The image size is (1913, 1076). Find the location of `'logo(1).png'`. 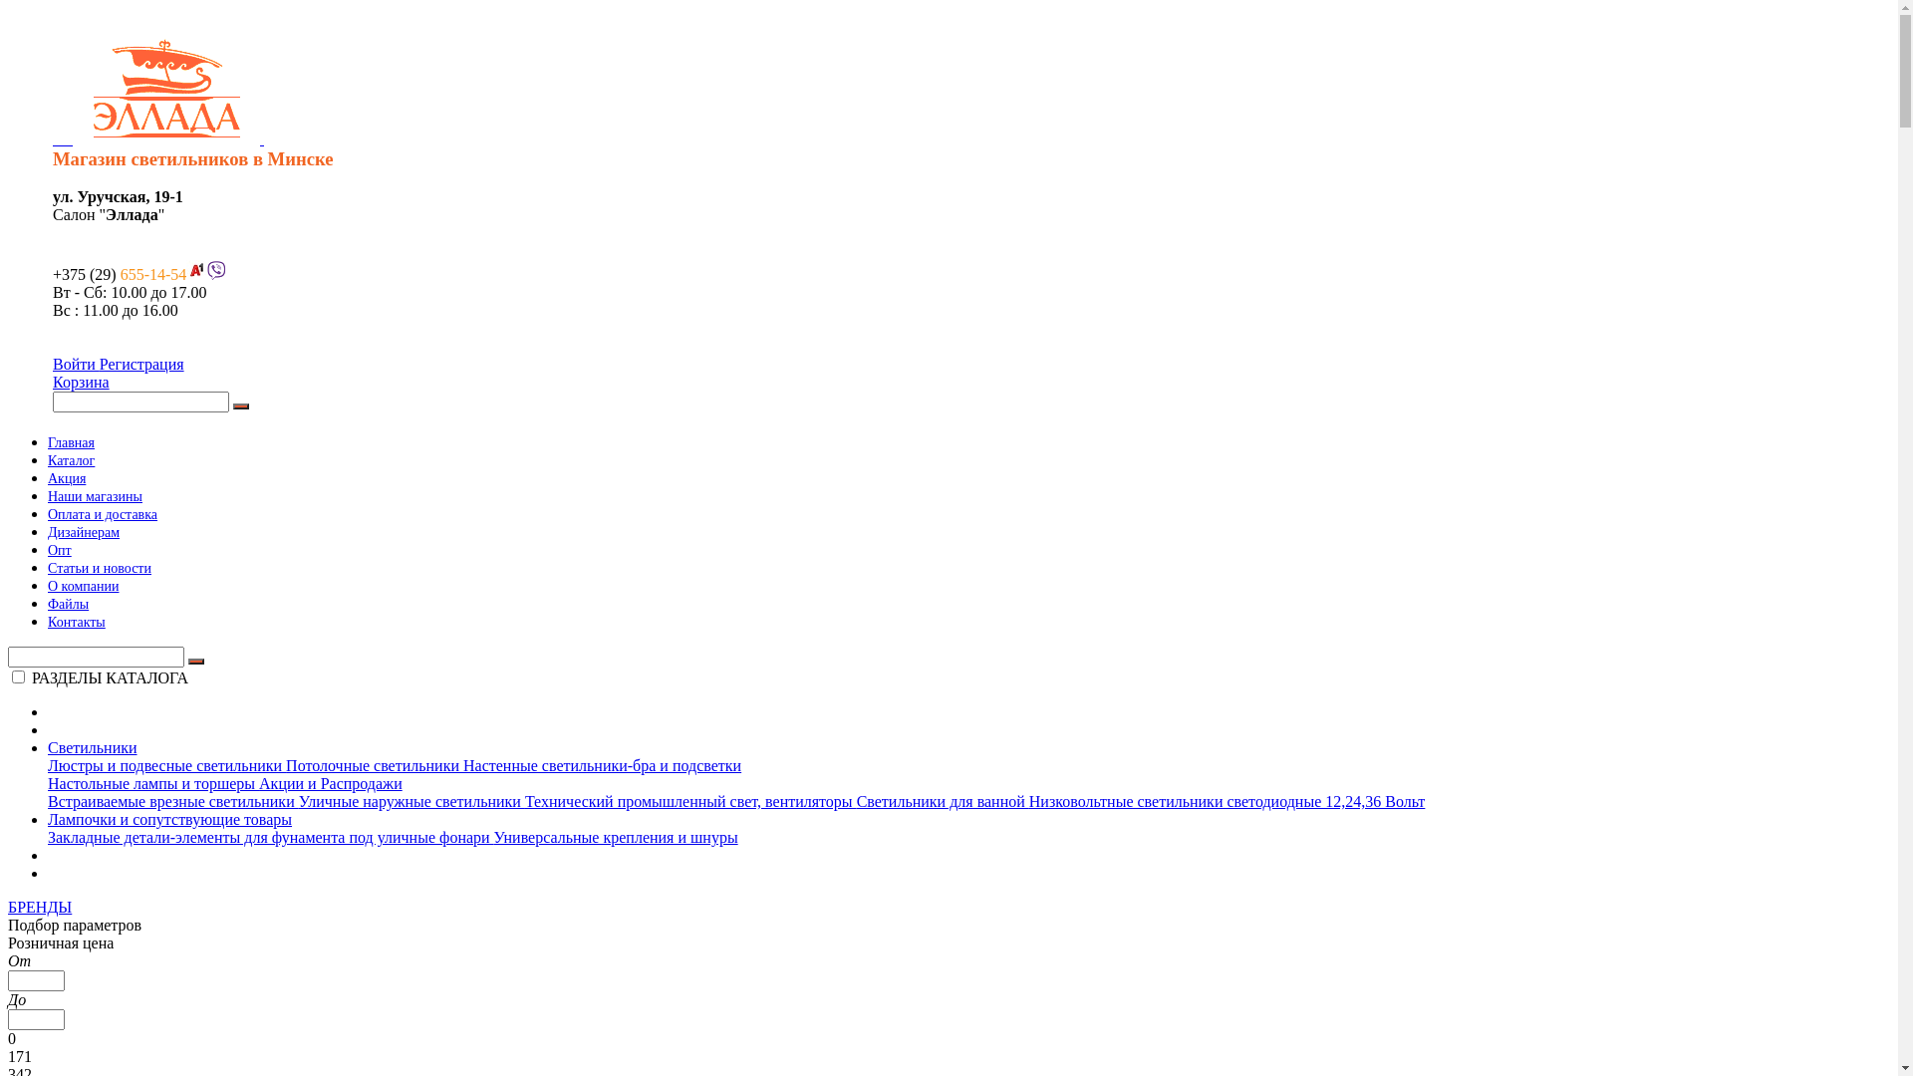

'logo(1).png' is located at coordinates (166, 87).